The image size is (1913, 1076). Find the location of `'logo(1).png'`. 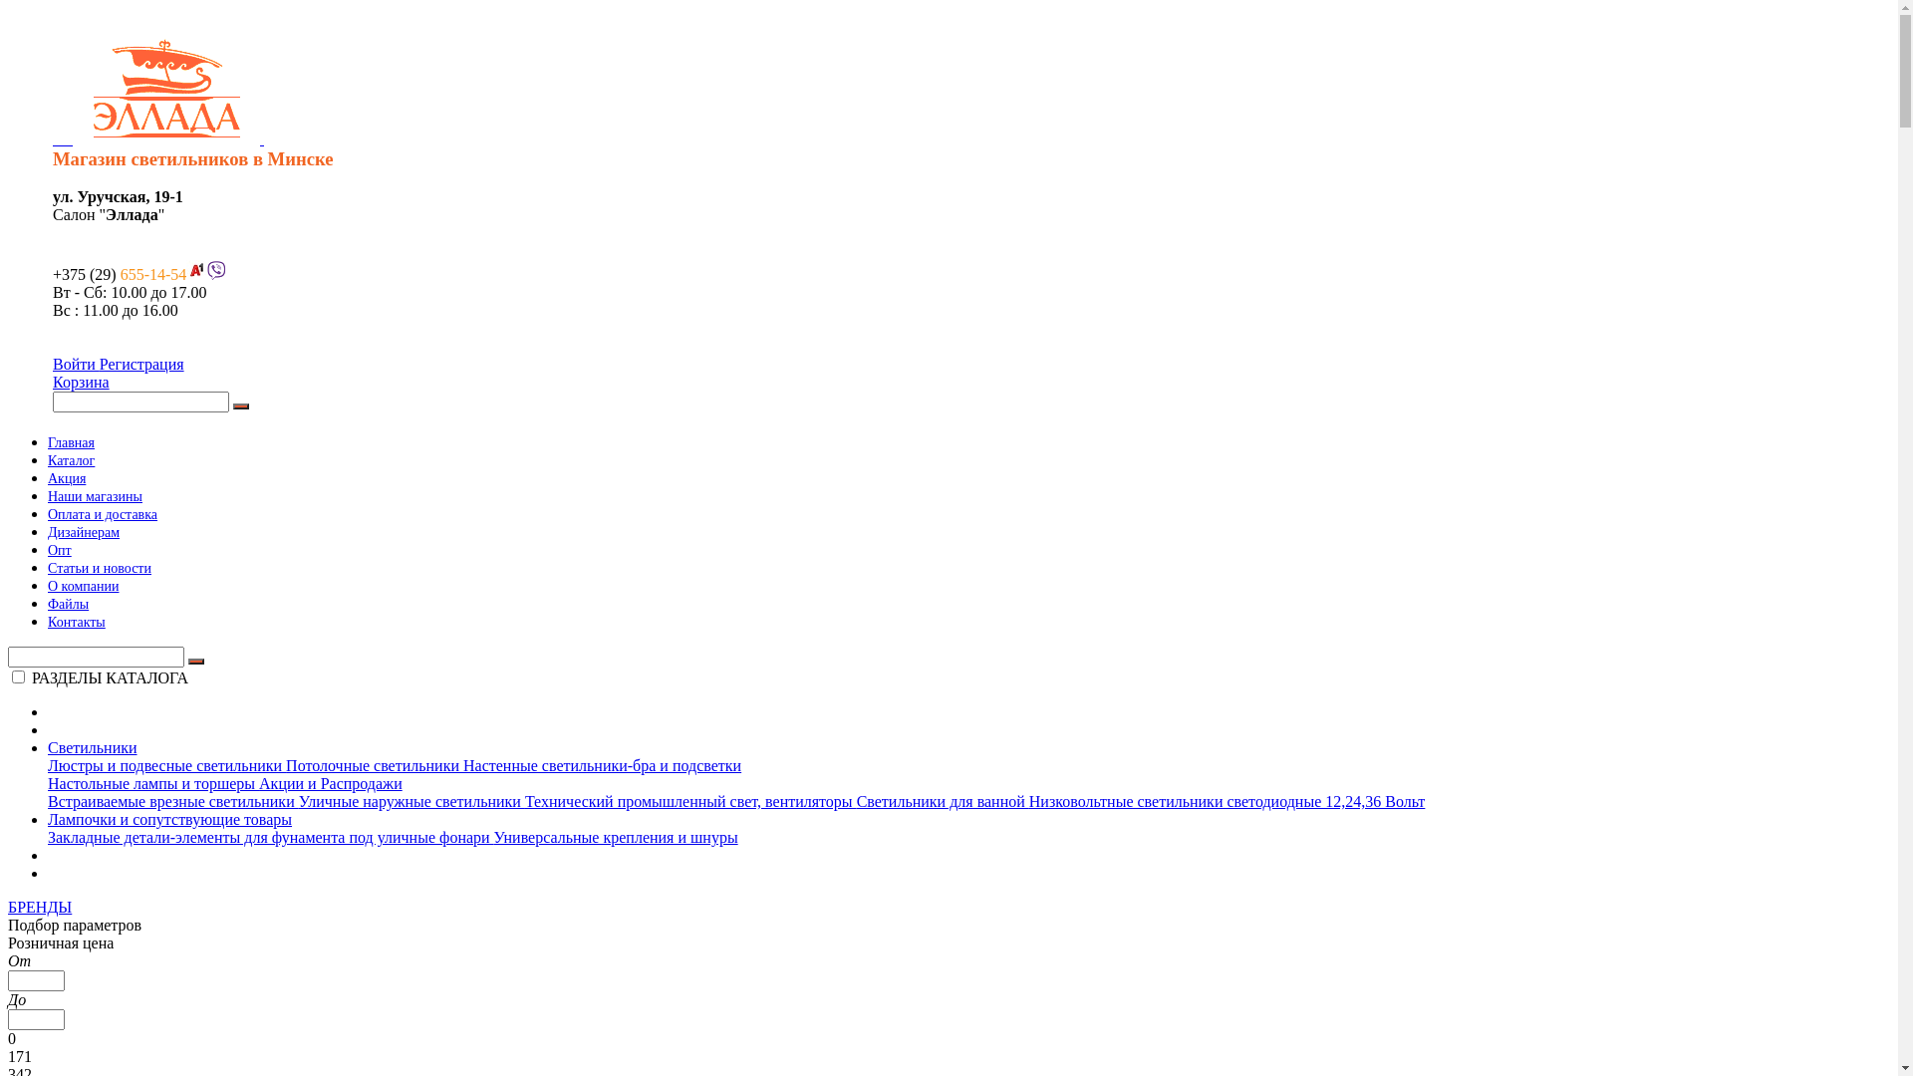

'logo(1).png' is located at coordinates (166, 87).